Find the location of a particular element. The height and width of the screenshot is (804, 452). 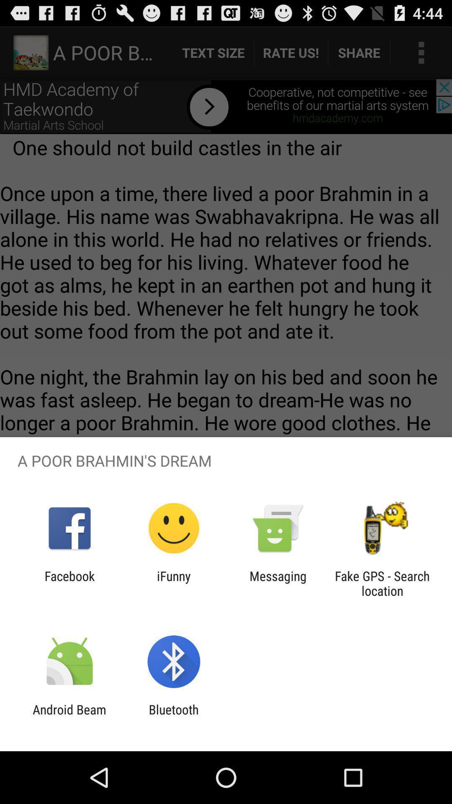

icon to the left of ifunny app is located at coordinates (69, 583).